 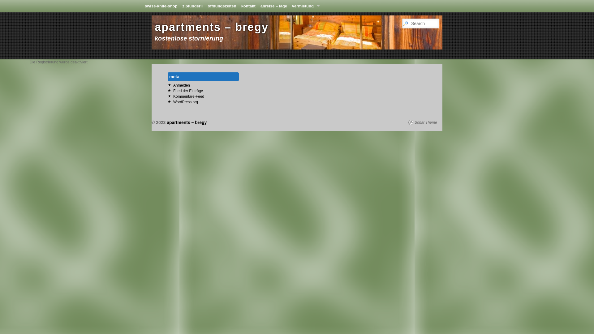 I want to click on 'swiss-knife-shop', so click(x=142, y=6).